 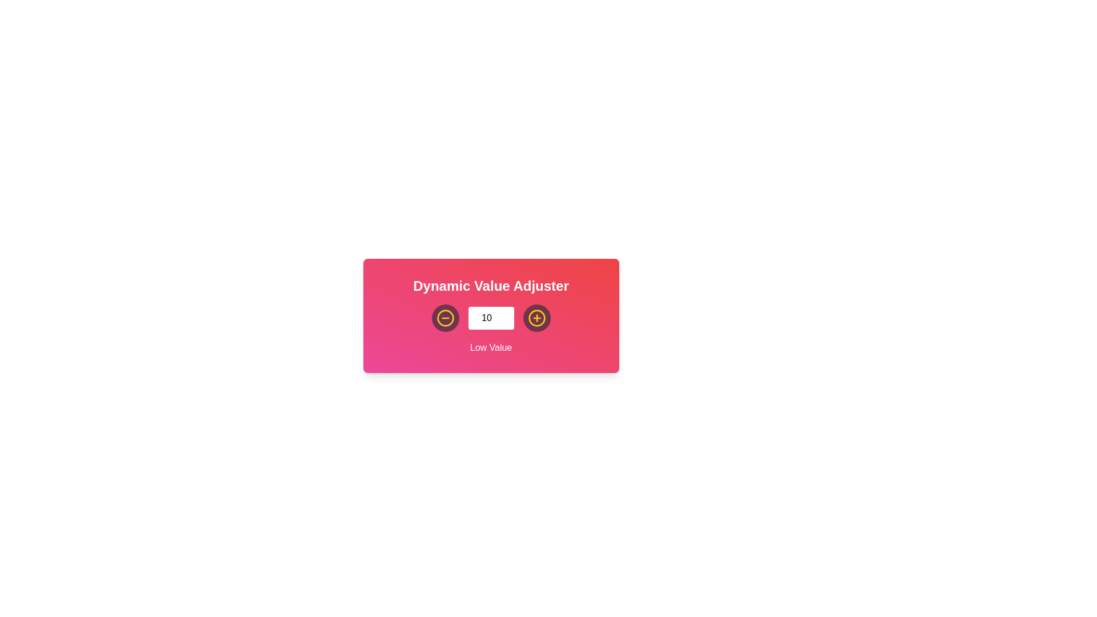 I want to click on the button located at the leftmost position of a horizontal row to decrease the numerical value in the adjacent input field, so click(x=445, y=318).